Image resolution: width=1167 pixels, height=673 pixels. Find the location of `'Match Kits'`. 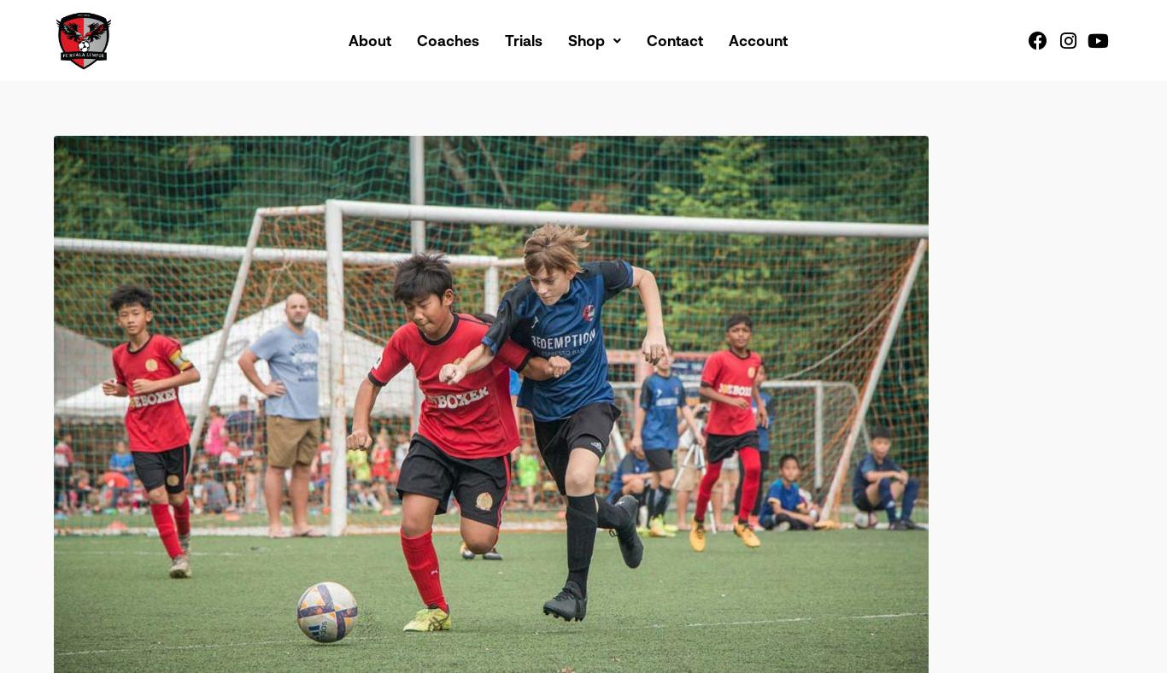

'Match Kits' is located at coordinates (585, 79).